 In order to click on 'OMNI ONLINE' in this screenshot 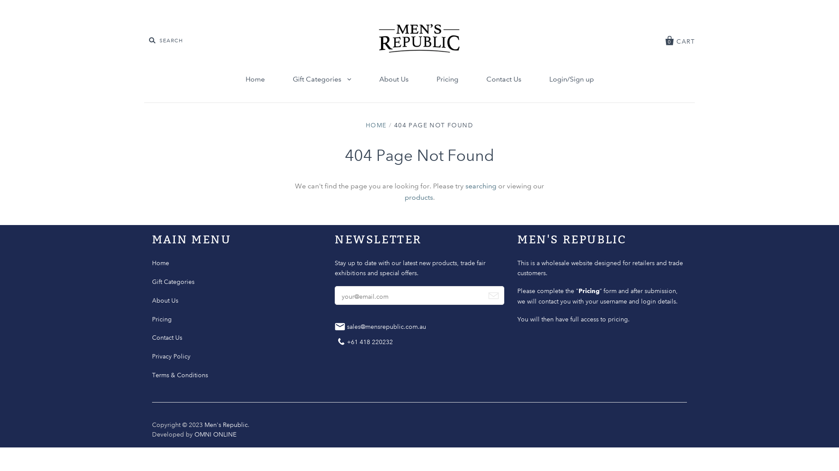, I will do `click(215, 434)`.